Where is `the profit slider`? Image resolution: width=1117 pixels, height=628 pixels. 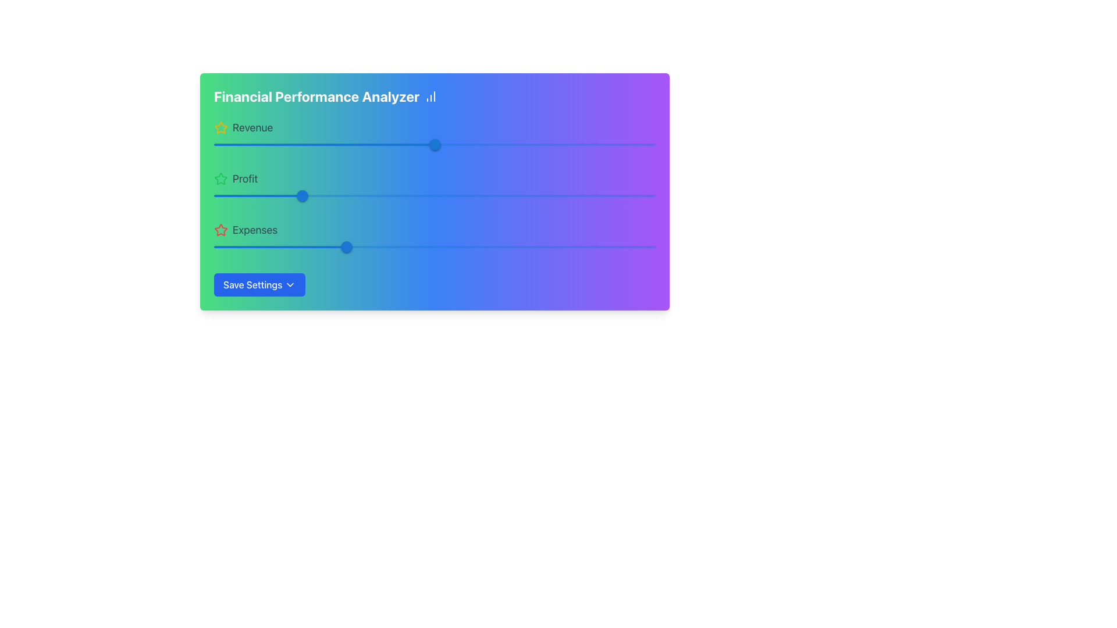
the profit slider is located at coordinates (468, 195).